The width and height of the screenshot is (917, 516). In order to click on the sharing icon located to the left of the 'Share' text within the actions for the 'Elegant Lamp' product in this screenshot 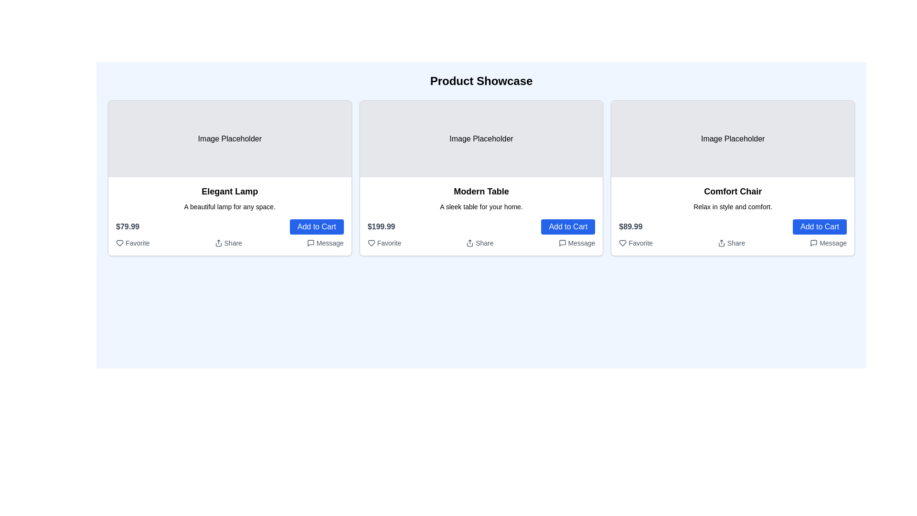, I will do `click(218, 243)`.